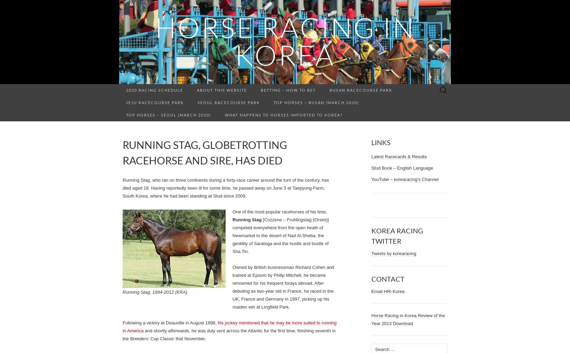 Image resolution: width=570 pixels, height=353 pixels. What do you see at coordinates (225, 188) in the screenshot?
I see `'Running Stag, who ran on three continents during a forty-race career around the turn of the century, has died aged 18. Having reportedly been ill for some time, he passed away on June 3 at Taepyung Farm, South Korea, where he had been standing at Stud since 2009.'` at bounding box center [225, 188].